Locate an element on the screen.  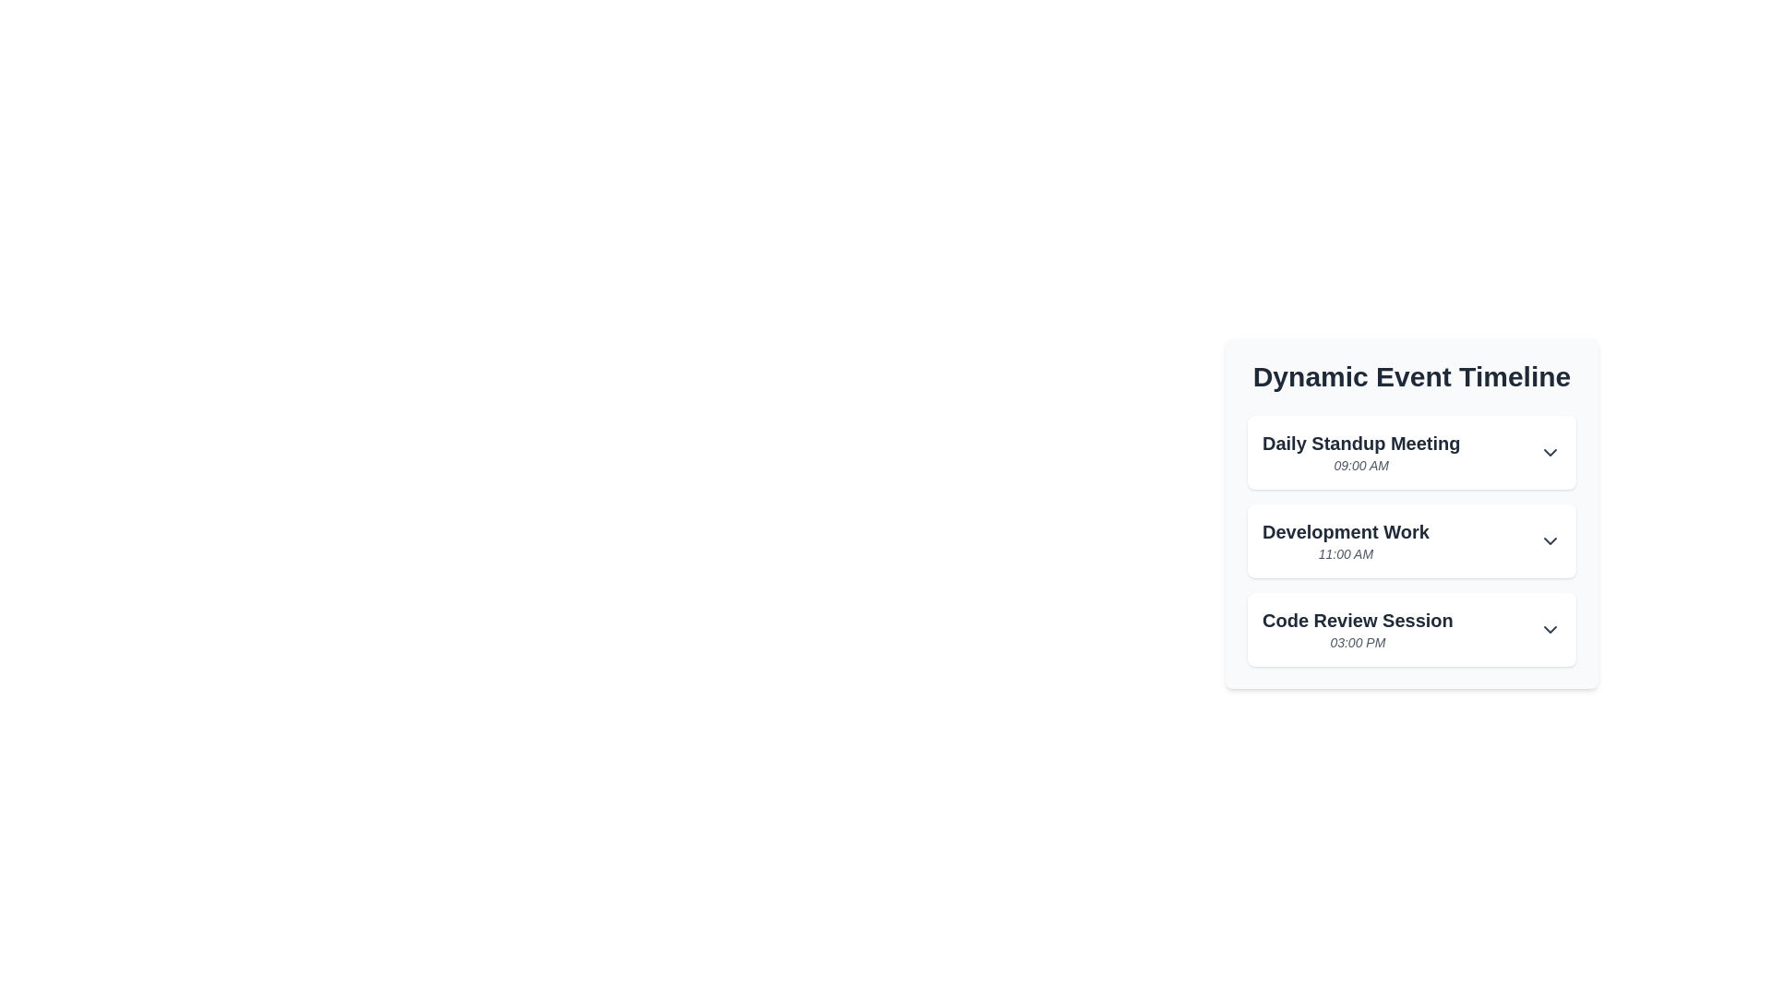
event title 'Daily Standup Meeting' and time '09:00 AM' from the text block with an interactive icon positioned below the header 'Dynamic Event Timeline' is located at coordinates (1411, 452).